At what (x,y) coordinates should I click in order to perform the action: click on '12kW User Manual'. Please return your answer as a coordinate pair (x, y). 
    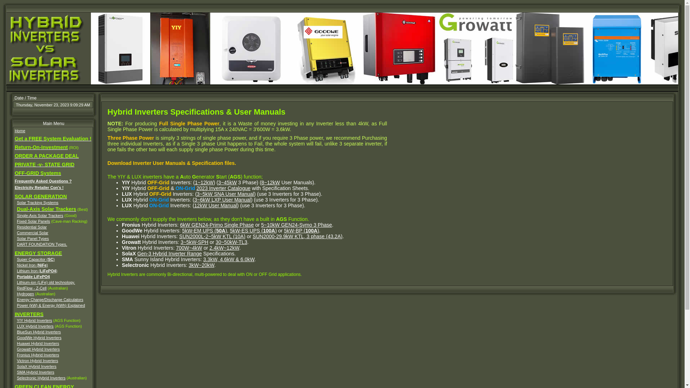
    Looking at the image, I should click on (215, 205).